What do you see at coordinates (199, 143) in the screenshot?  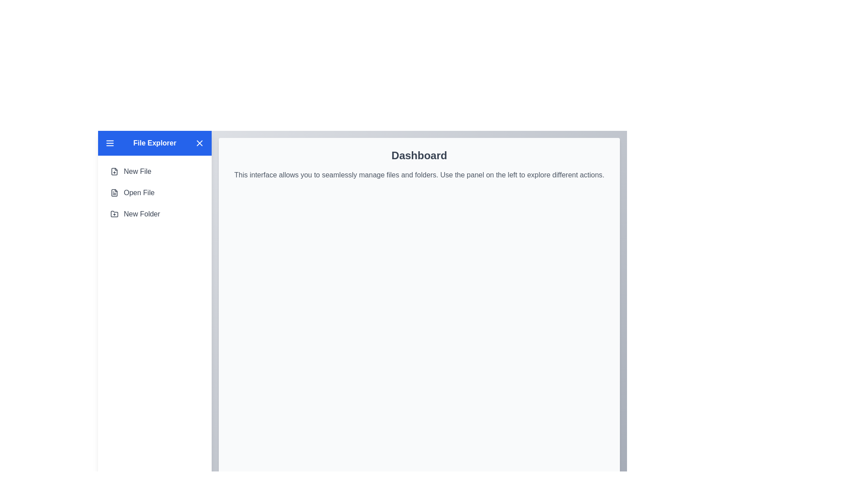 I see `the close button icon resembling an 'X' located on the right side of the blue 'File Explorer' header bar` at bounding box center [199, 143].